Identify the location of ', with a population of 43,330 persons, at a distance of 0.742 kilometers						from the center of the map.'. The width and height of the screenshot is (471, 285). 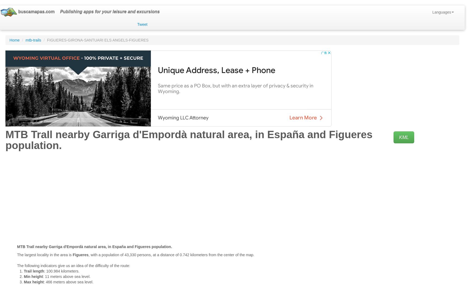
(171, 255).